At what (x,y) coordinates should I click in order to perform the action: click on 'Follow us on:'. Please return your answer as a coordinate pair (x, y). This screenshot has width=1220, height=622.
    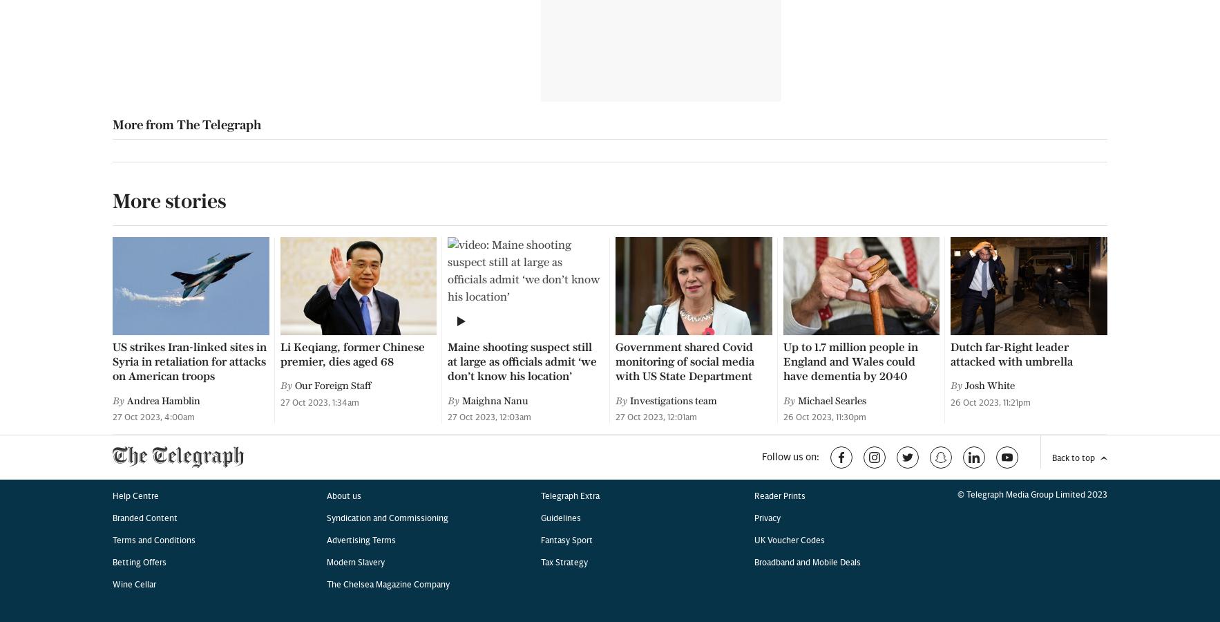
    Looking at the image, I should click on (790, 6).